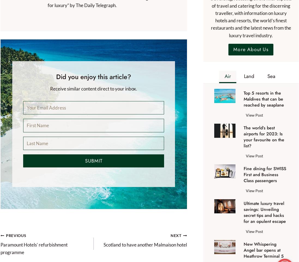  What do you see at coordinates (250, 49) in the screenshot?
I see `'More About Us'` at bounding box center [250, 49].